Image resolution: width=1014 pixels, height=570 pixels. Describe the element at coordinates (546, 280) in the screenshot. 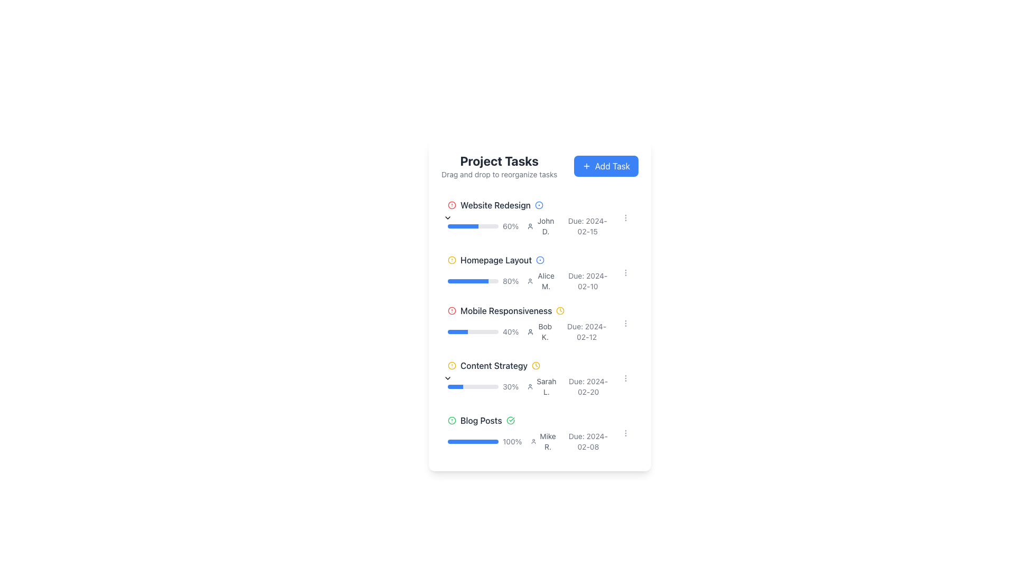

I see `the name 'Alice M.' as the task assignee displayed in a dark gray text label within the 'Homepage Layout' task row` at that location.